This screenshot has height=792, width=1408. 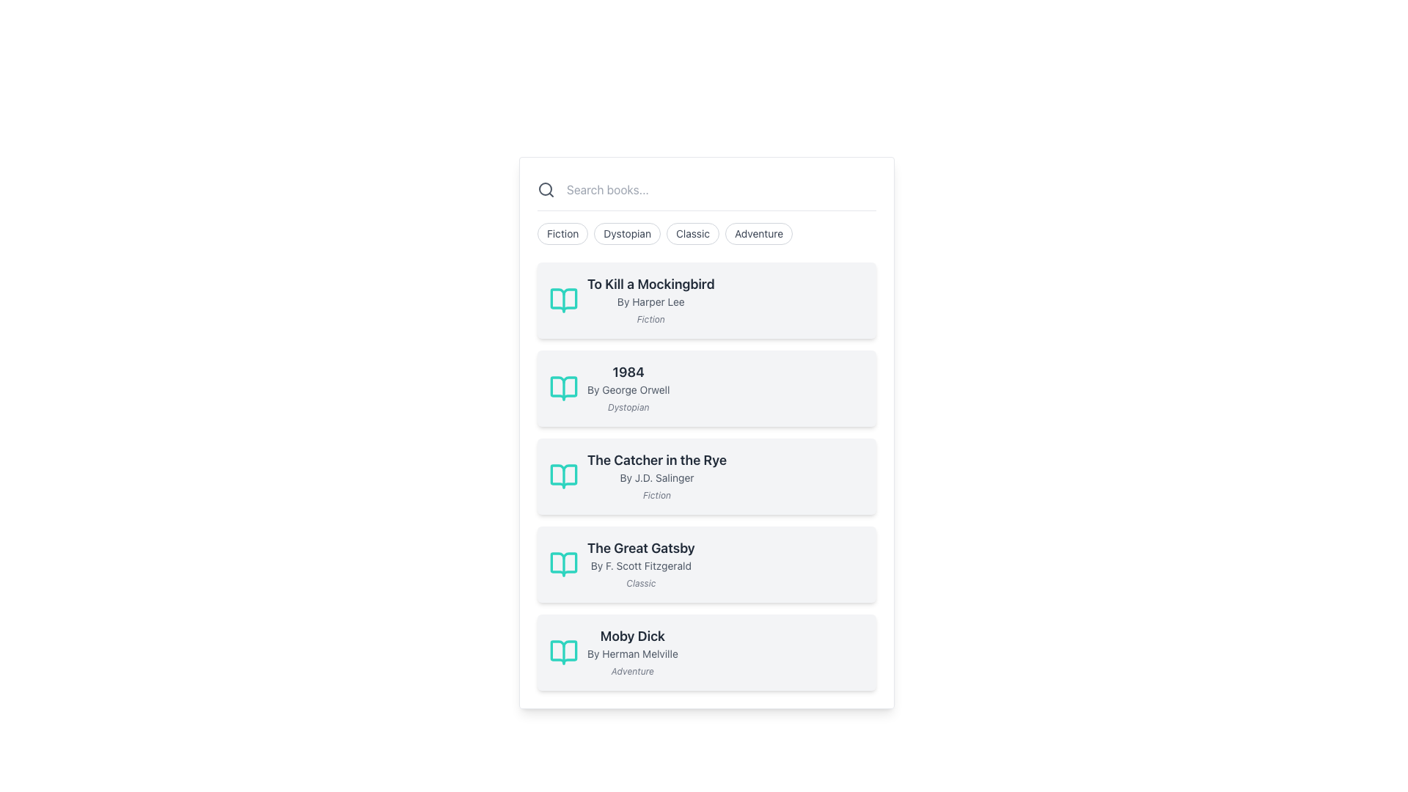 I want to click on text label 'Adventure' which is styled in italicized grey font and located below the author's name for 'Moby Dick' by Herman Melville, so click(x=632, y=671).